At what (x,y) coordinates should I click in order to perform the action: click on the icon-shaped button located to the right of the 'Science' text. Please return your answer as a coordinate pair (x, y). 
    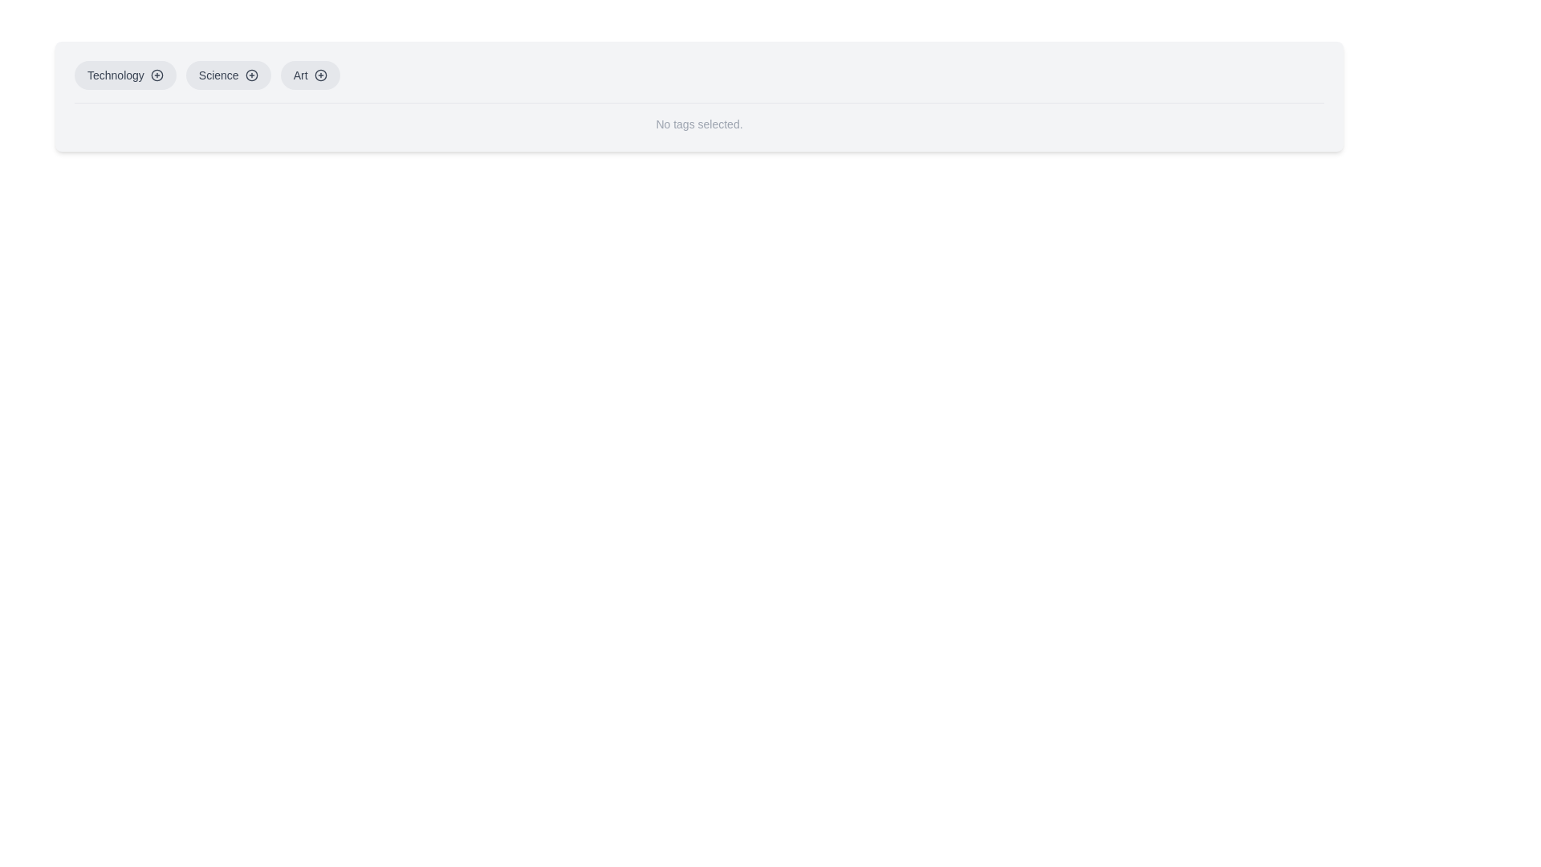
    Looking at the image, I should click on (250, 75).